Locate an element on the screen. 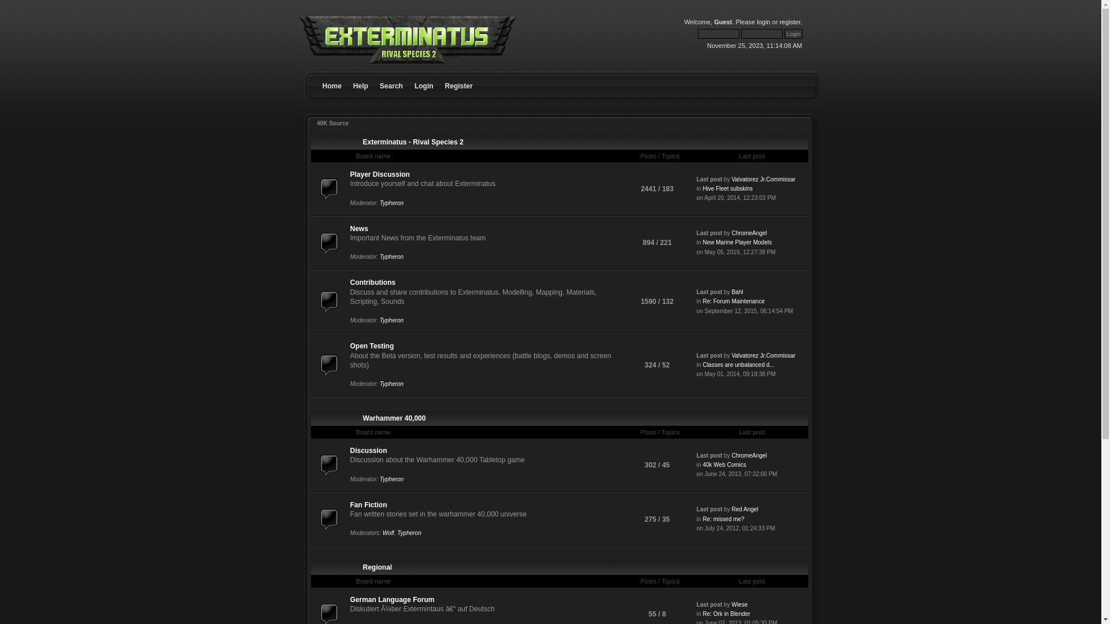  'News' is located at coordinates (358, 229).